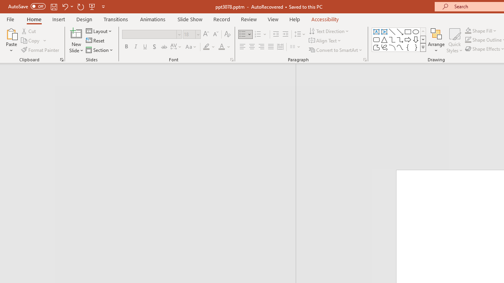  Describe the element at coordinates (384, 39) in the screenshot. I see `'Isosceles Triangle'` at that location.